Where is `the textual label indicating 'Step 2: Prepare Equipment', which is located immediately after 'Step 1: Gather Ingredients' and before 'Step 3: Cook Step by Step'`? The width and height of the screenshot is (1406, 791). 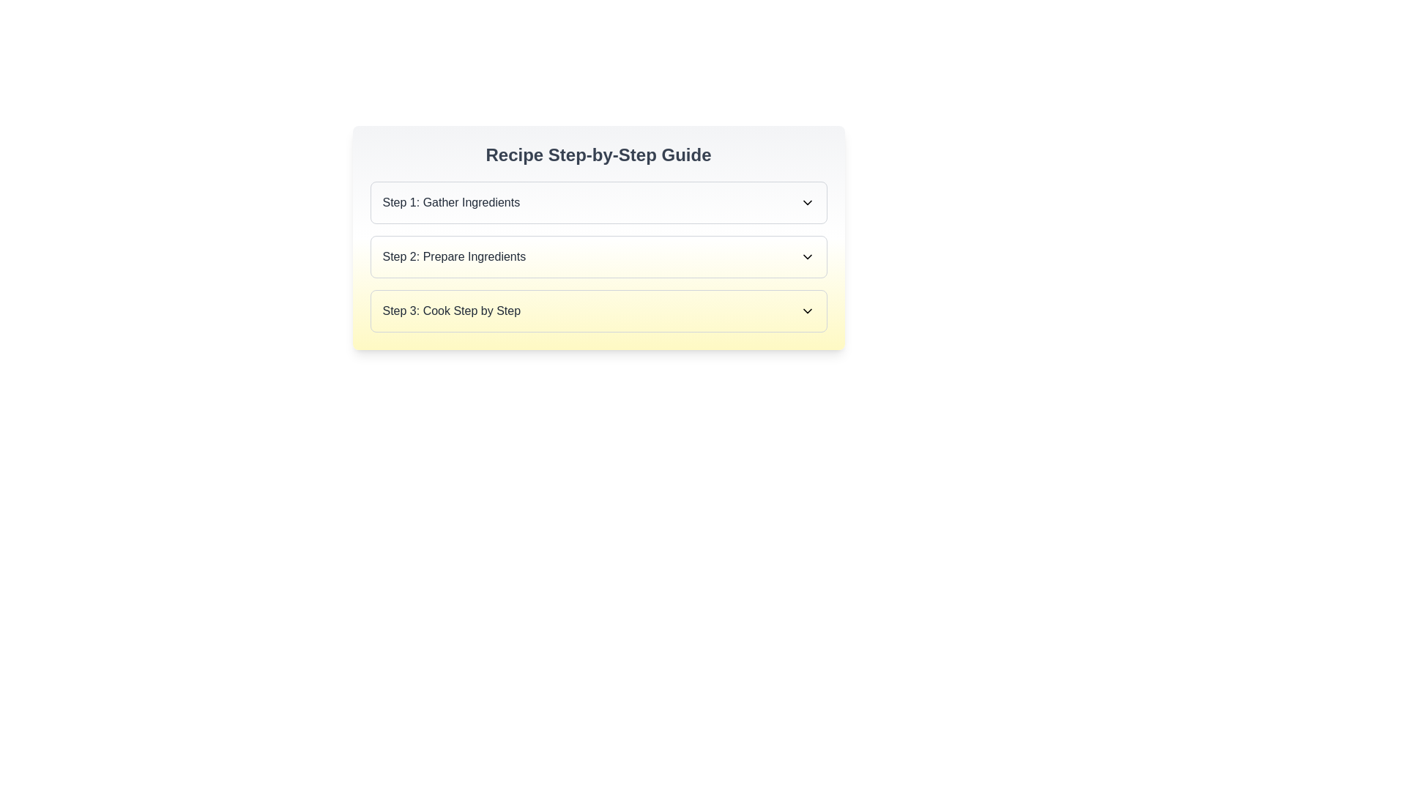 the textual label indicating 'Step 2: Prepare Equipment', which is located immediately after 'Step 1: Gather Ingredients' and before 'Step 3: Cook Step by Step' is located at coordinates (453, 256).